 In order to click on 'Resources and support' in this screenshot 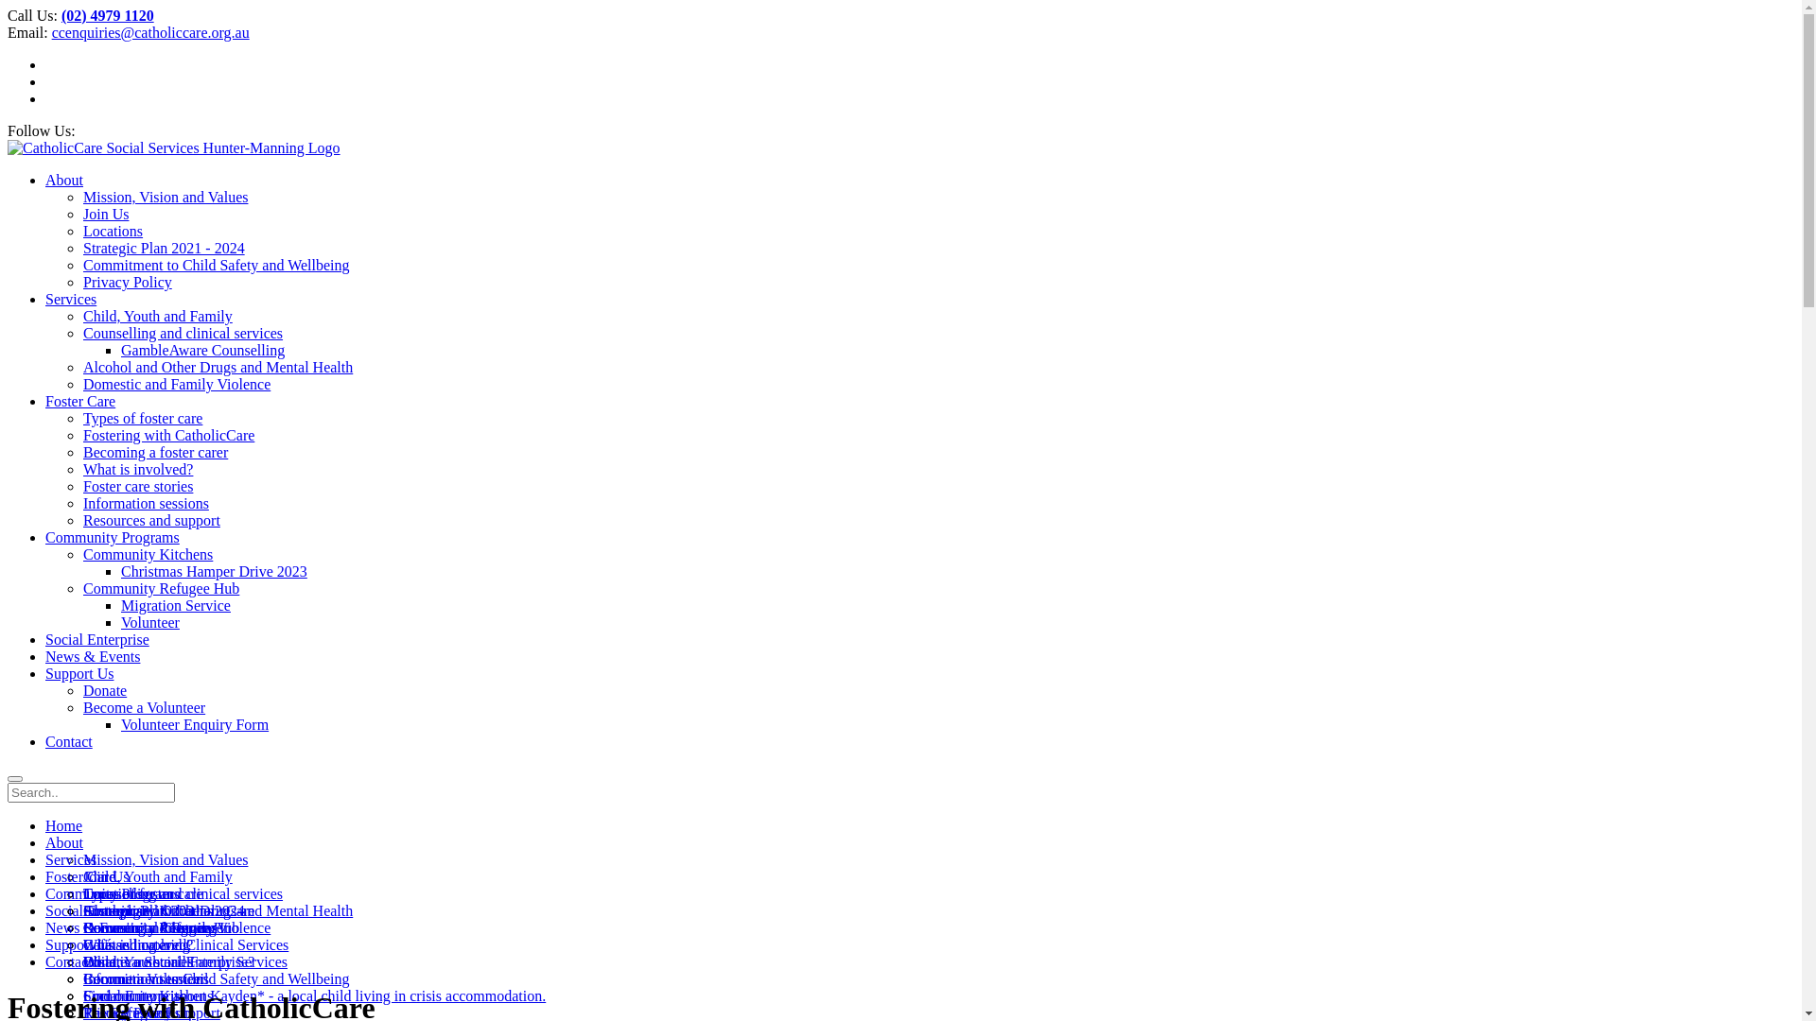, I will do `click(151, 520)`.